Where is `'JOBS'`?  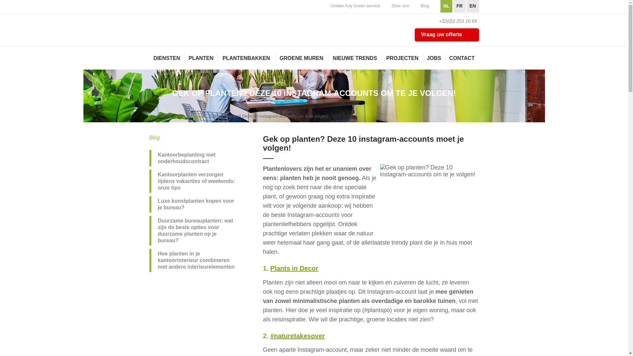
'JOBS' is located at coordinates (434, 61).